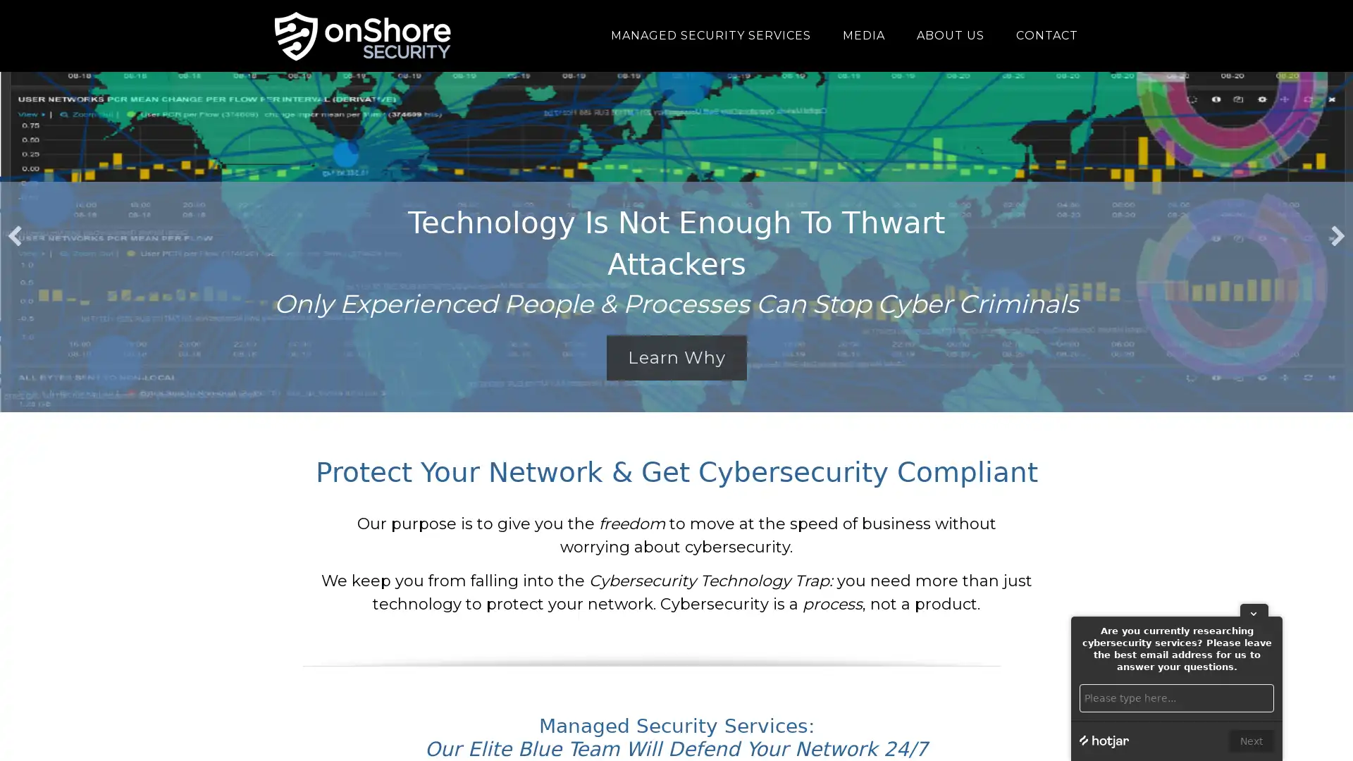 The height and width of the screenshot is (761, 1353). What do you see at coordinates (1252, 741) in the screenshot?
I see `Next` at bounding box center [1252, 741].